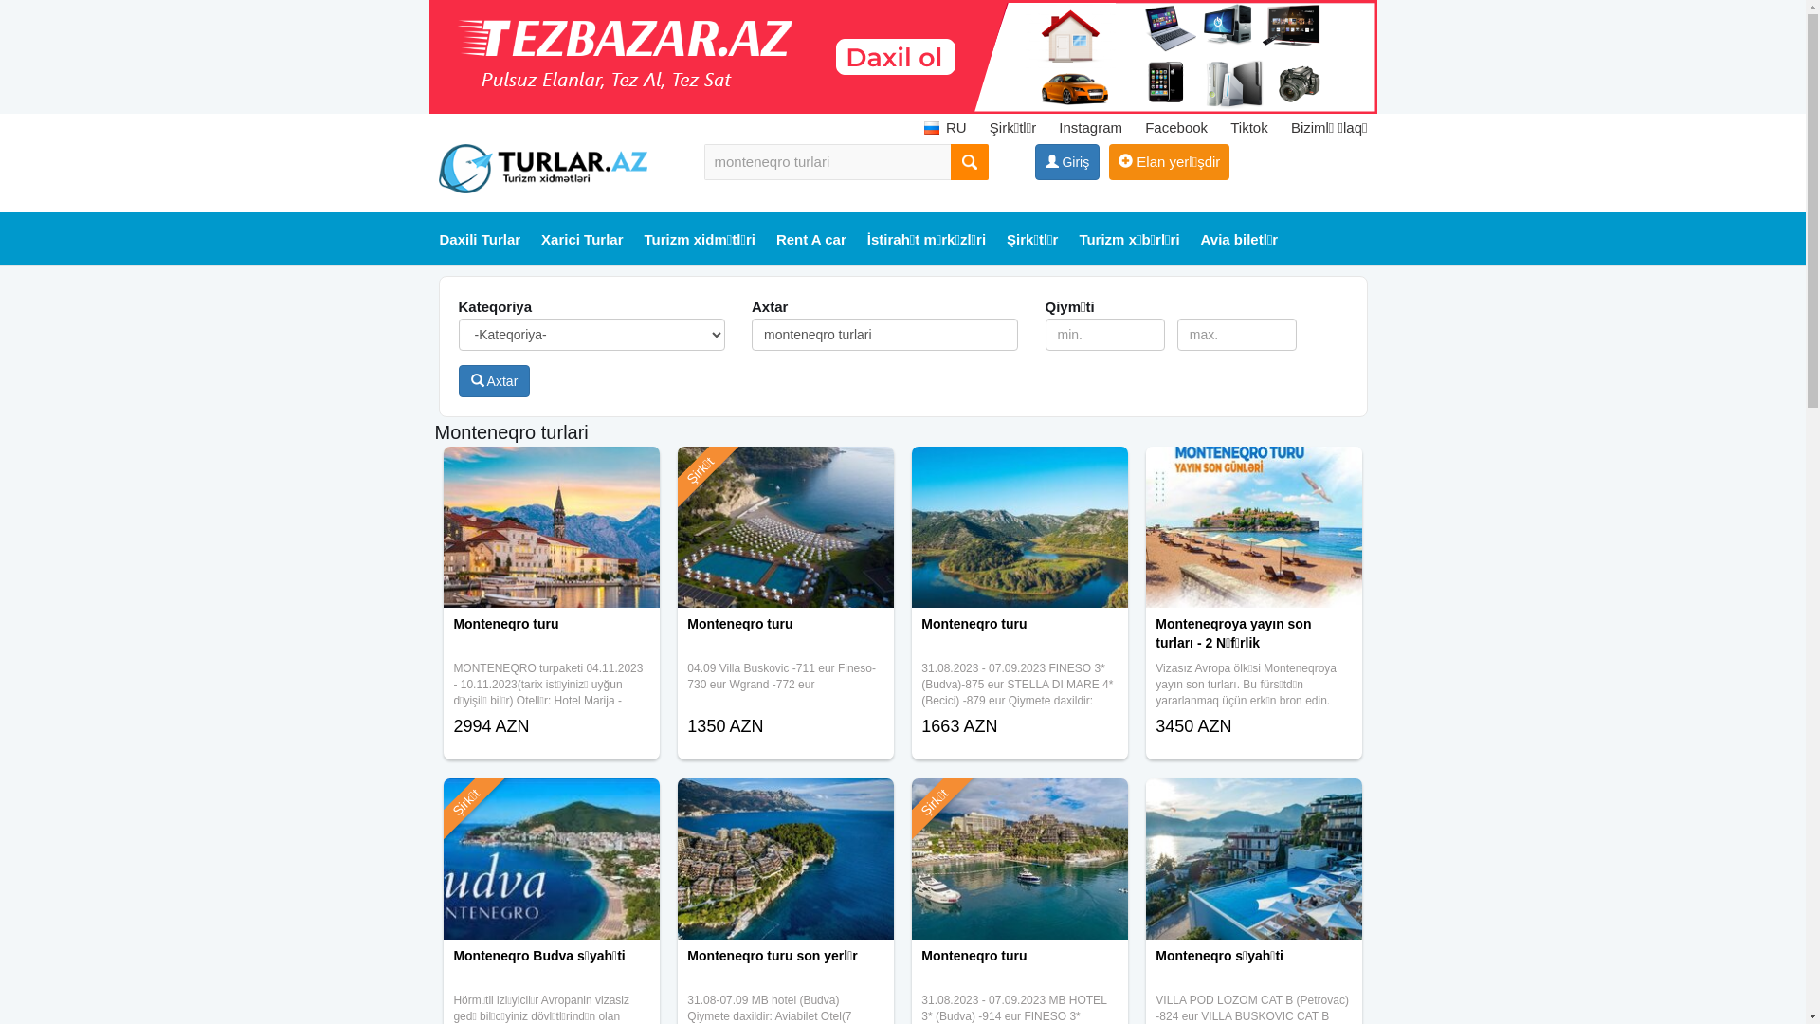 Image resolution: width=1820 pixels, height=1024 pixels. Describe the element at coordinates (1018, 639) in the screenshot. I see `'Monteneqro turu'` at that location.